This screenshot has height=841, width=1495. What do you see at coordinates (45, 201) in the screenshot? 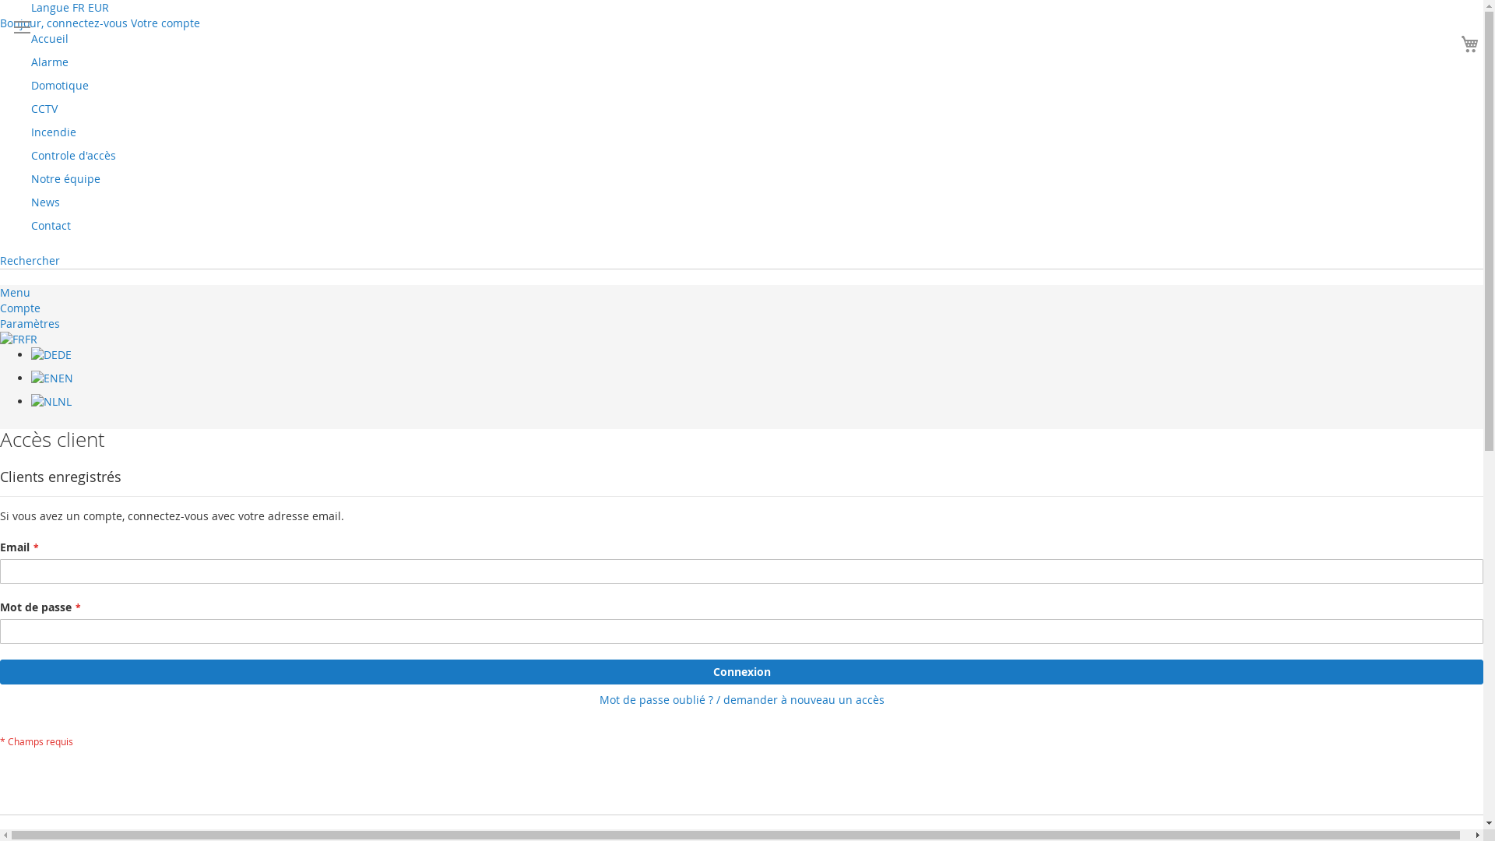
I see `'News'` at bounding box center [45, 201].